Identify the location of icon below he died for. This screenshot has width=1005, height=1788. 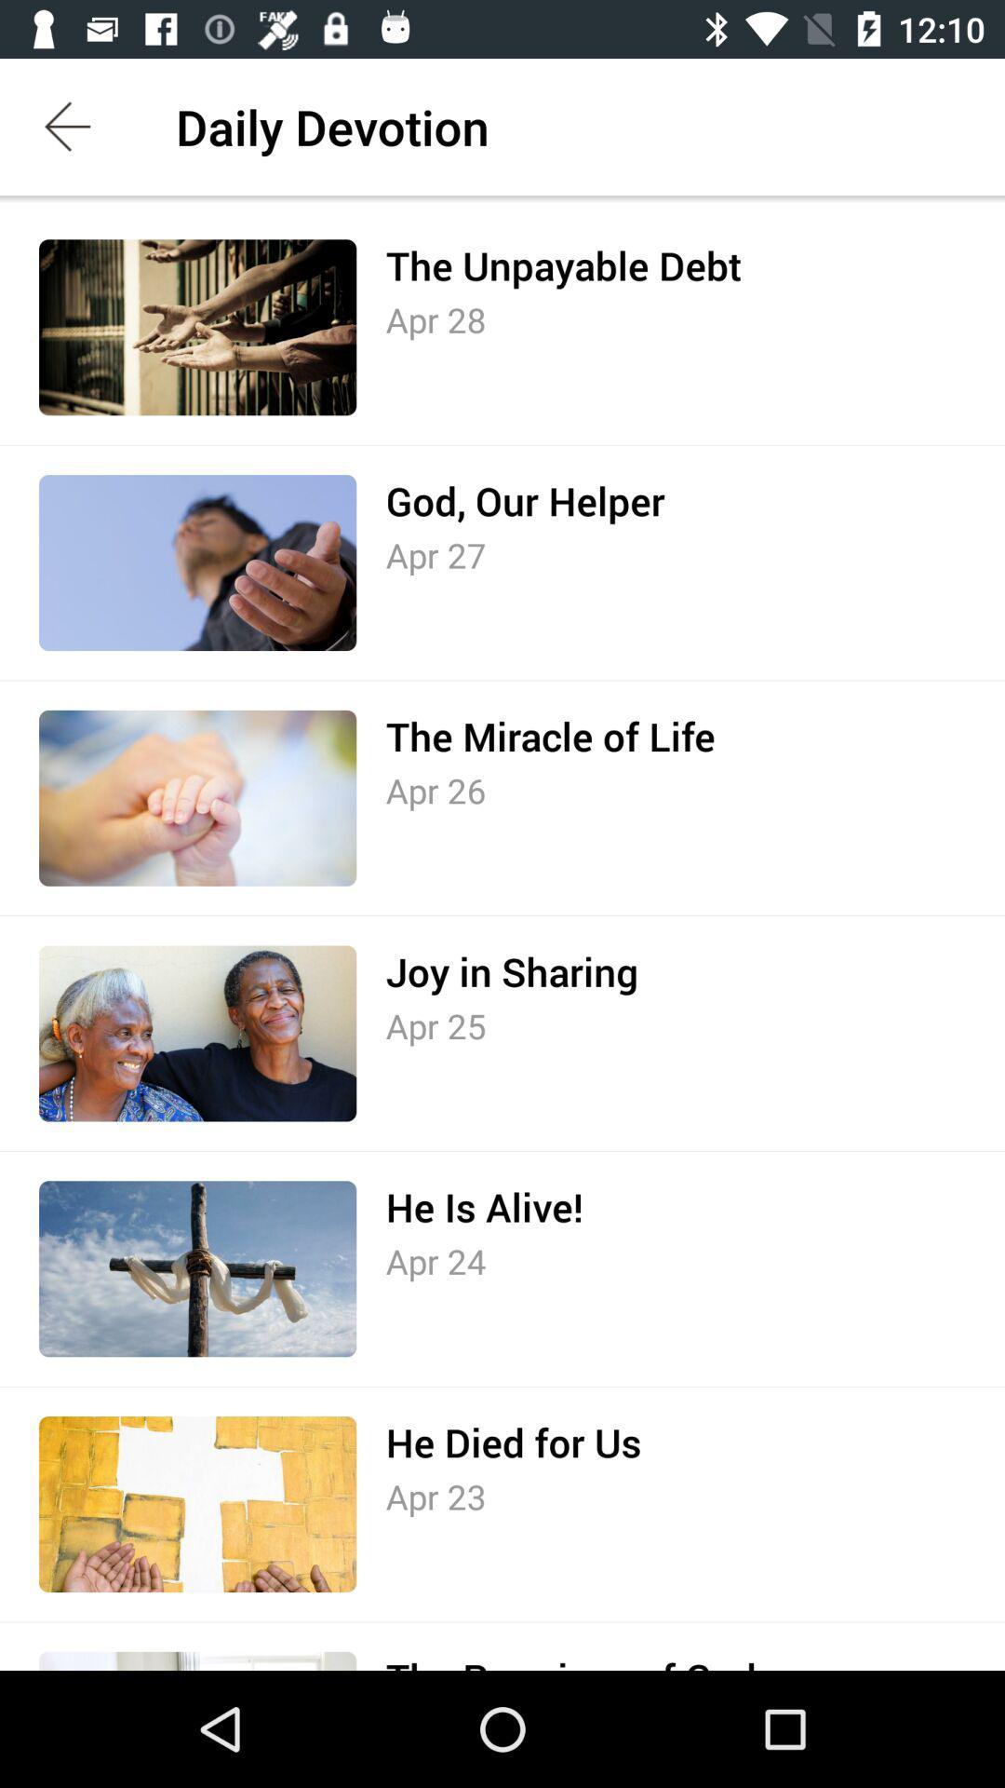
(435, 1497).